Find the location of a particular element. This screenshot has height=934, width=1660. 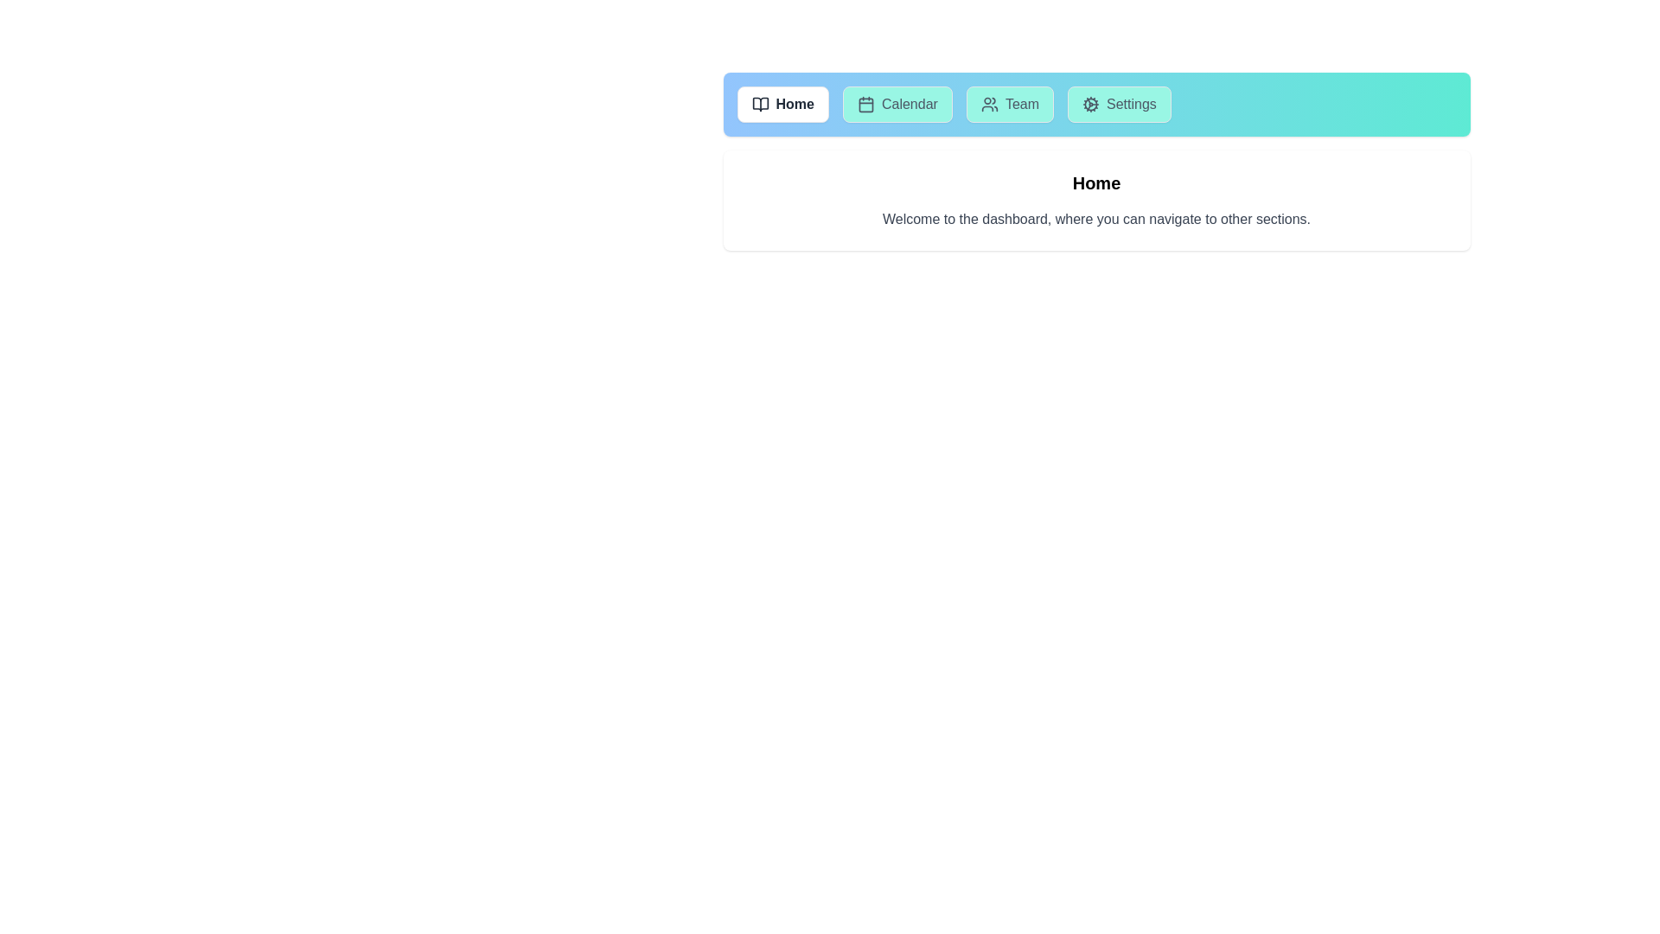

the tab labeled Settings is located at coordinates (1119, 104).